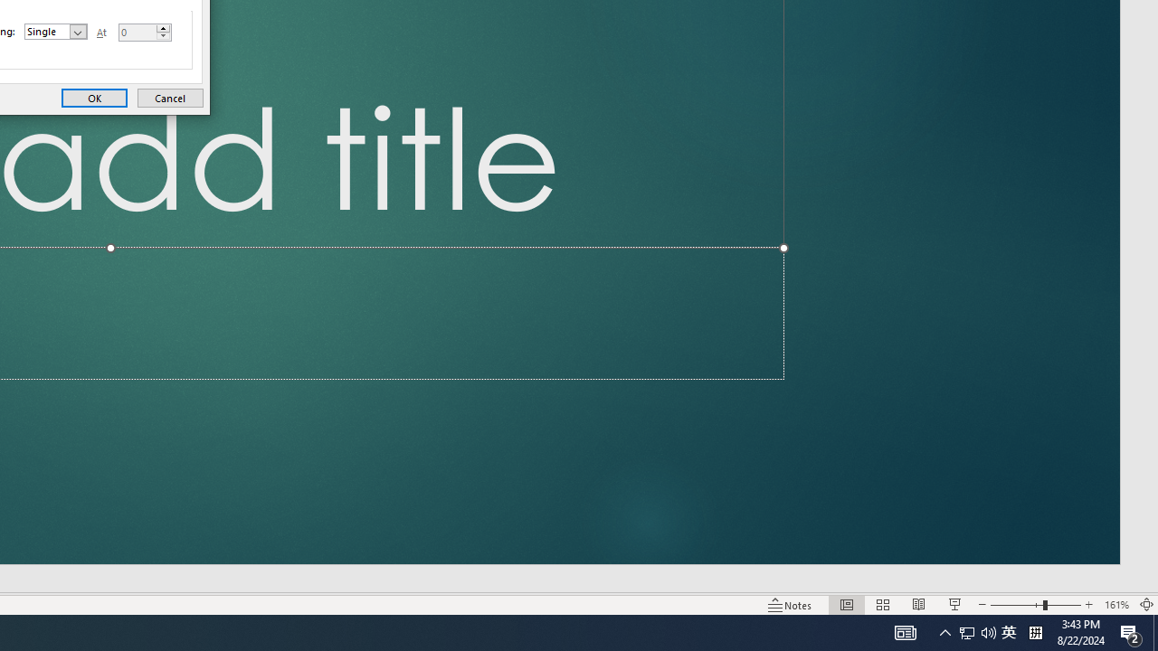 The height and width of the screenshot is (651, 1158). What do you see at coordinates (56, 31) in the screenshot?
I see `'Line Spacing'` at bounding box center [56, 31].